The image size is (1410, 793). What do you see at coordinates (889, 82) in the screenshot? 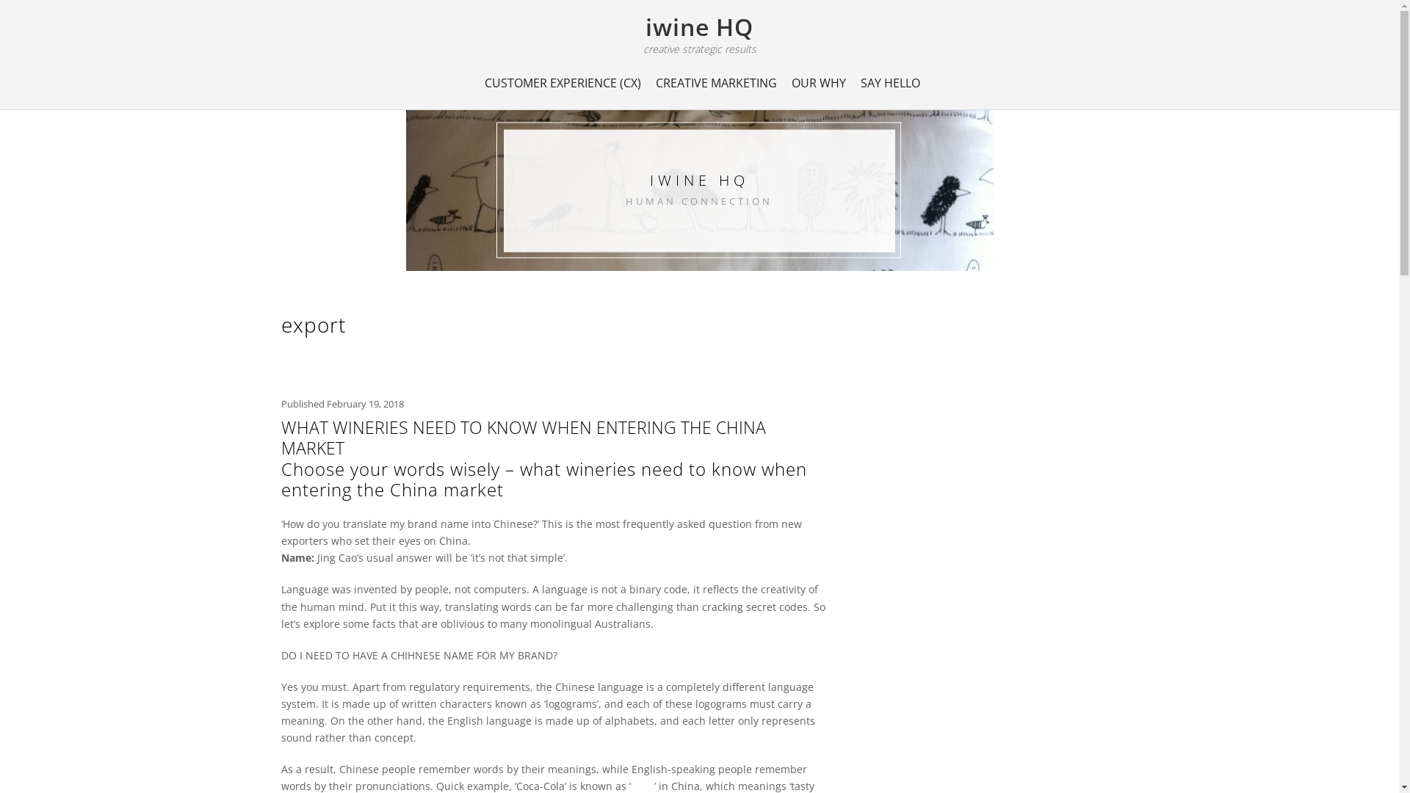
I see `'SAY HELLO'` at bounding box center [889, 82].